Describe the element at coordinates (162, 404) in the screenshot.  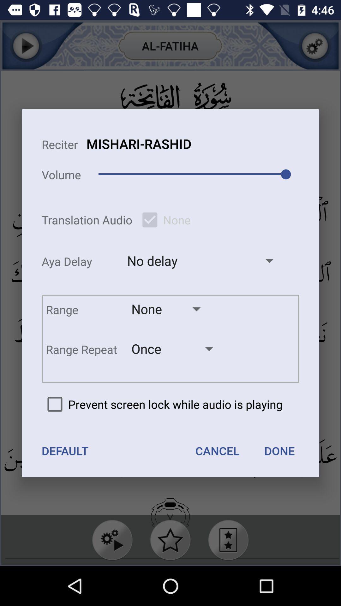
I see `the icon above the default item` at that location.